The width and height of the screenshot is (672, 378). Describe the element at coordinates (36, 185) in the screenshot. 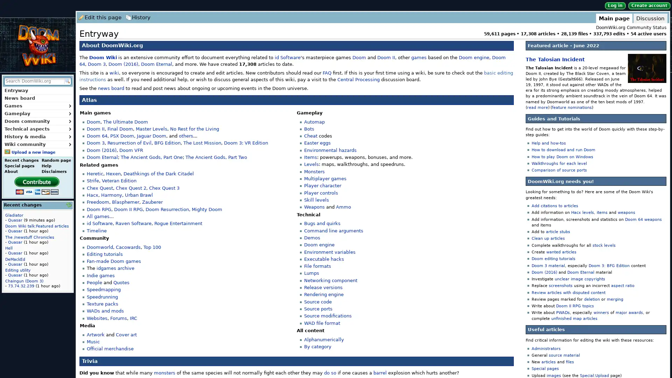

I see `PayPal - The safer, easier way to pay online!` at that location.